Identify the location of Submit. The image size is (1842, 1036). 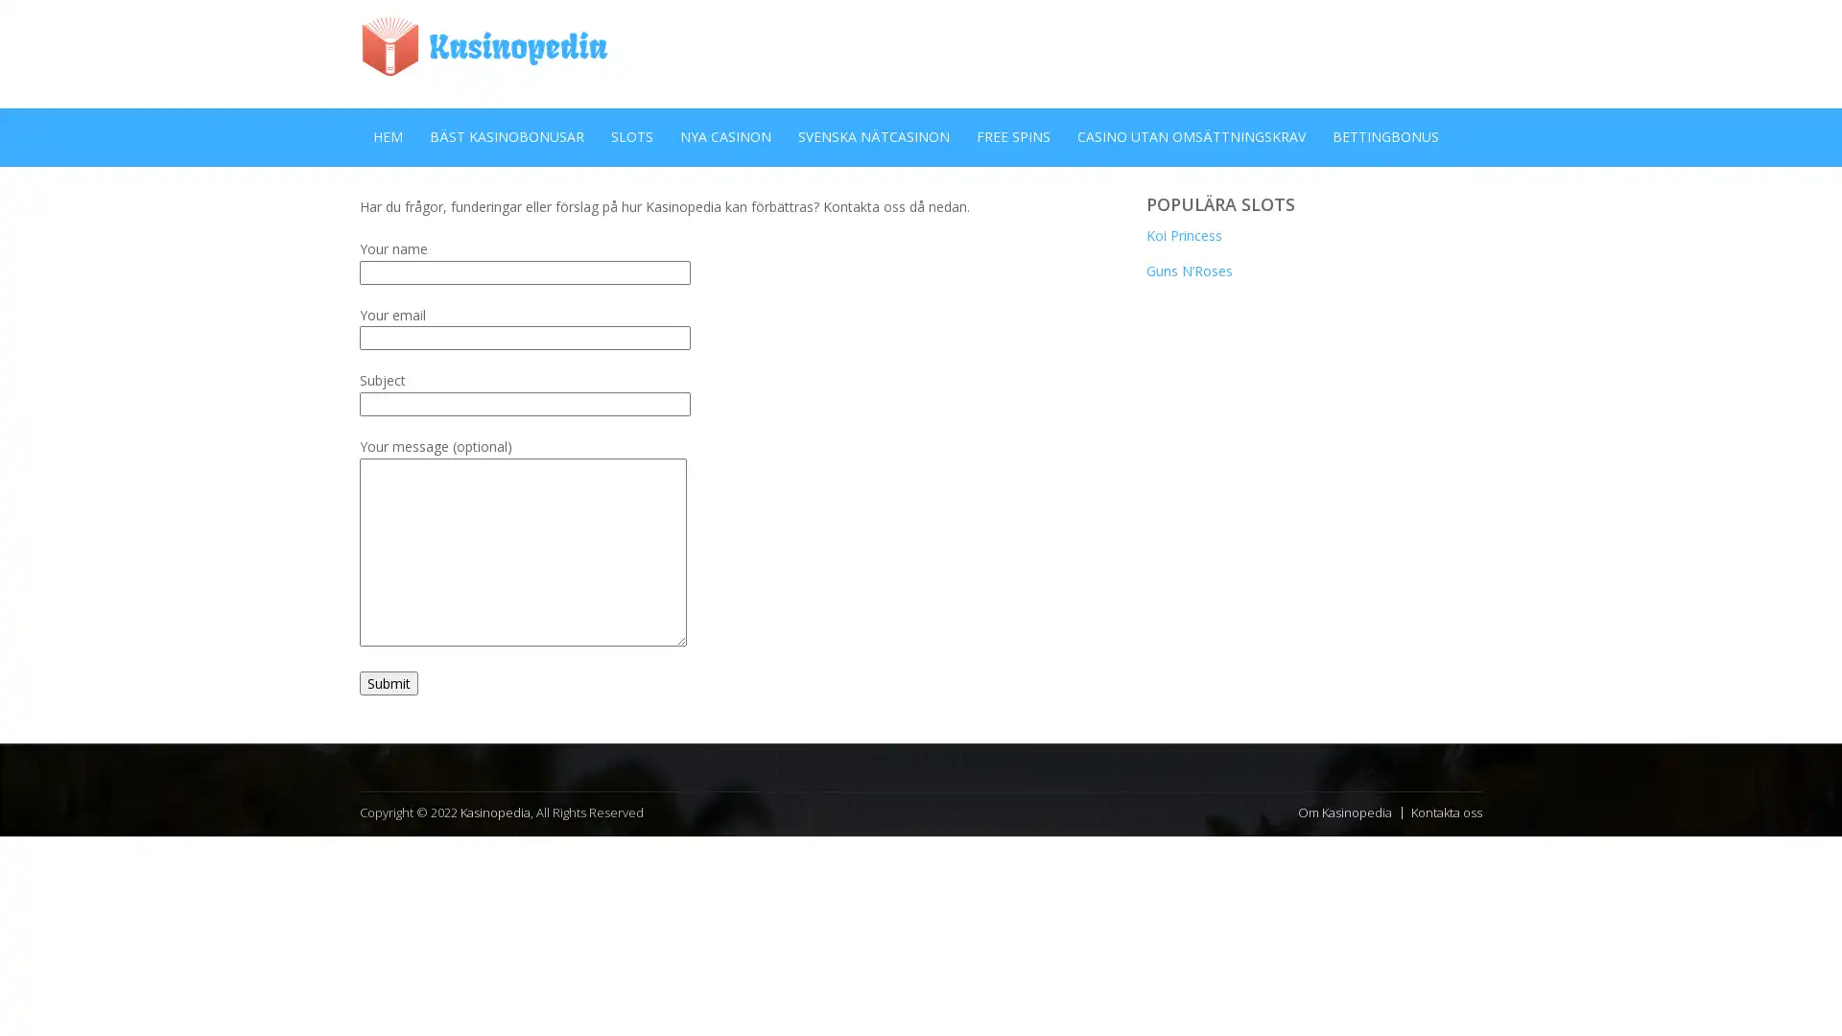
(388, 681).